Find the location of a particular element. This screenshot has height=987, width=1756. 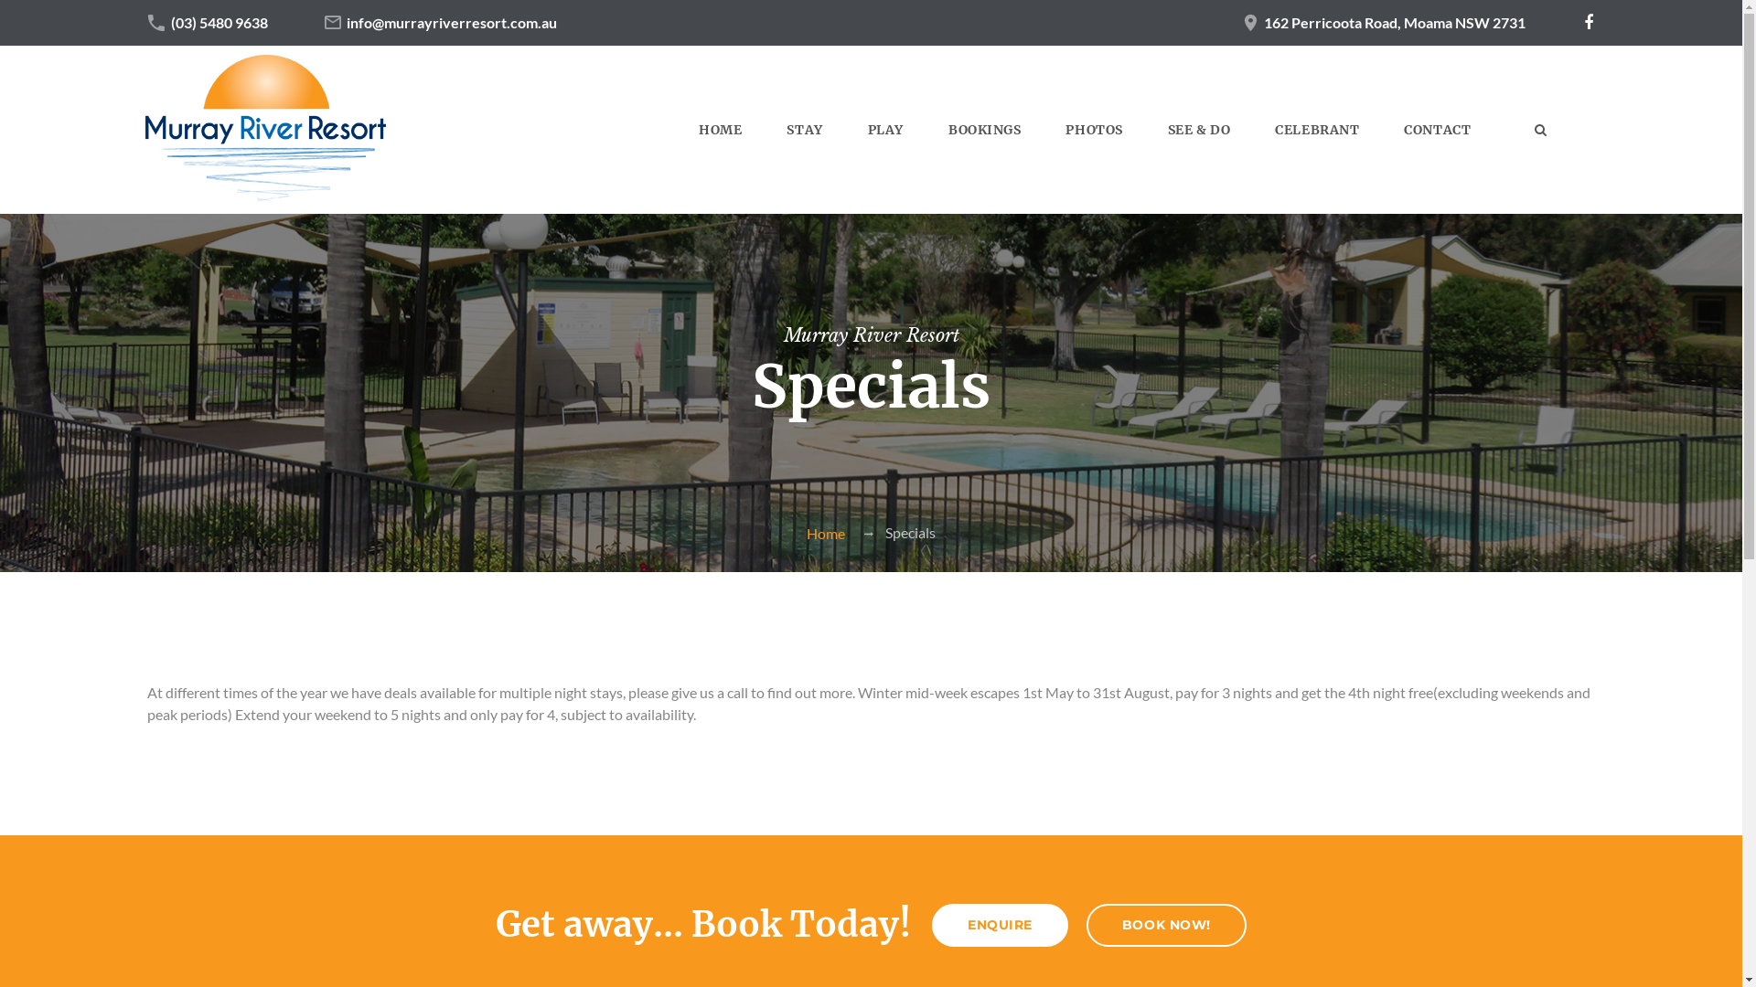

'CONTACT' is located at coordinates (1436, 129).